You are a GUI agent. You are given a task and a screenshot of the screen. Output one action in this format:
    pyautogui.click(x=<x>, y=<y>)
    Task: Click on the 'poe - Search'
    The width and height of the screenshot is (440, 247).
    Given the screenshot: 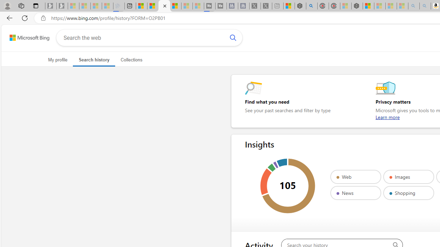 What is the action you would take?
    pyautogui.click(x=311, y=6)
    